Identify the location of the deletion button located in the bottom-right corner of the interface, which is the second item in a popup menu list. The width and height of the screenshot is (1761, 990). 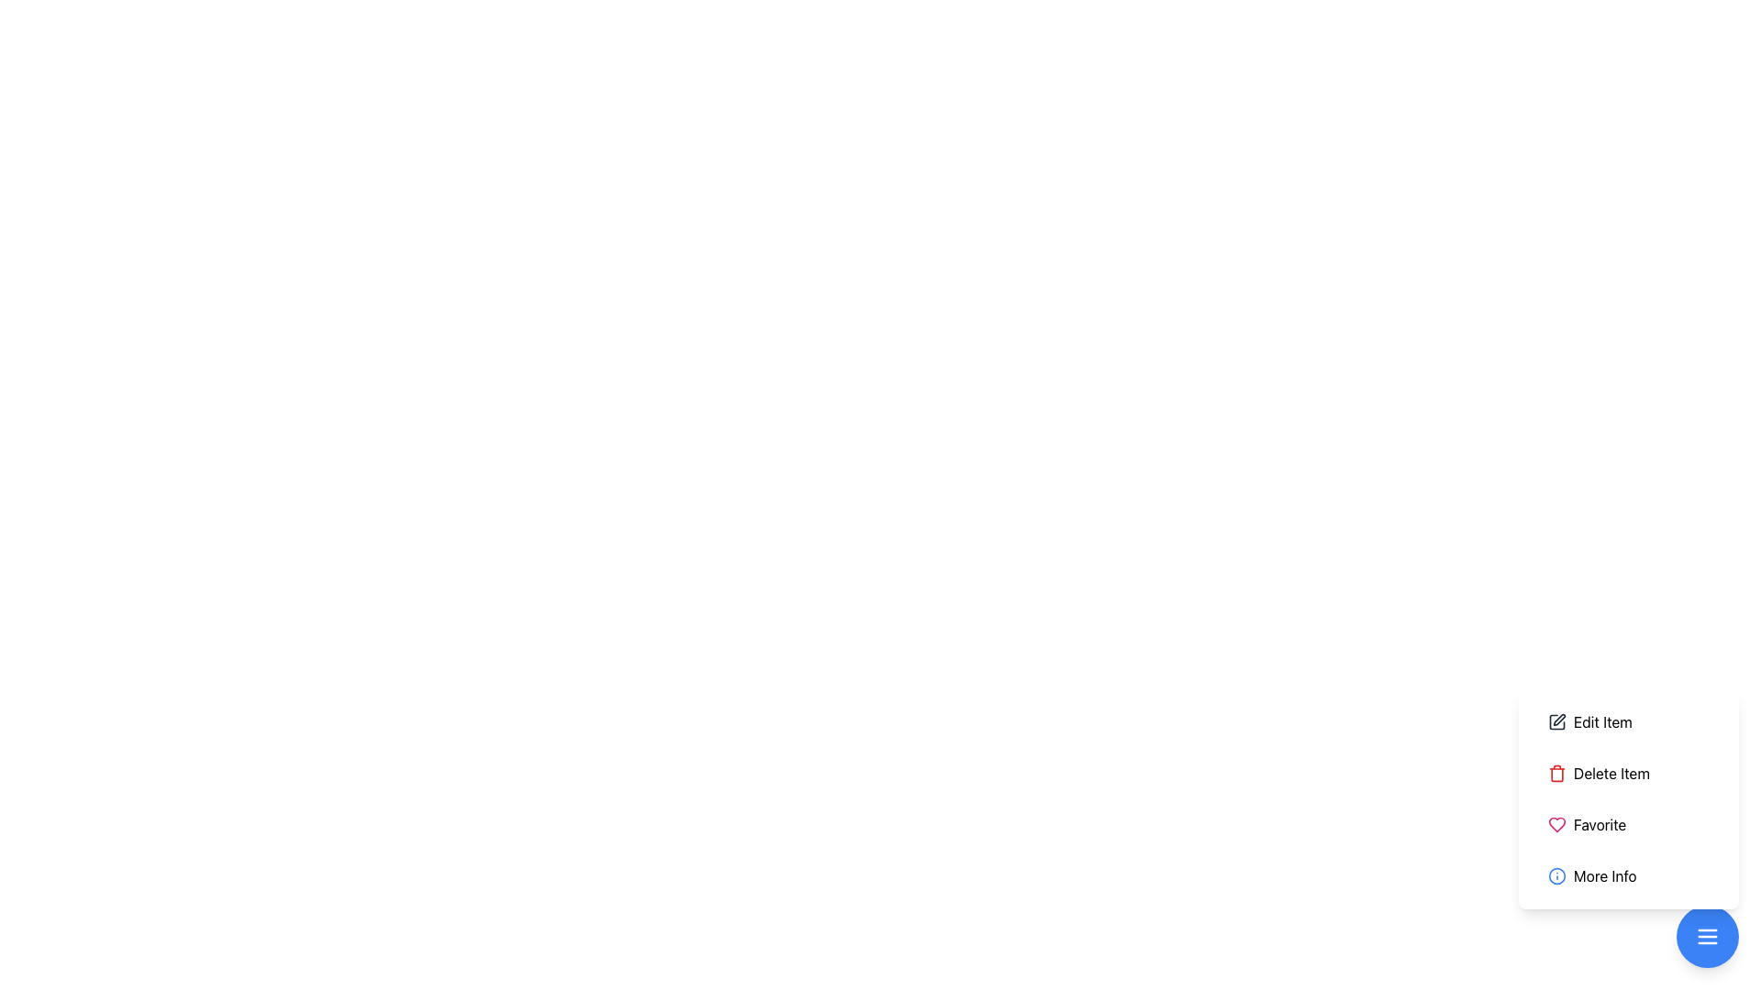
(1629, 774).